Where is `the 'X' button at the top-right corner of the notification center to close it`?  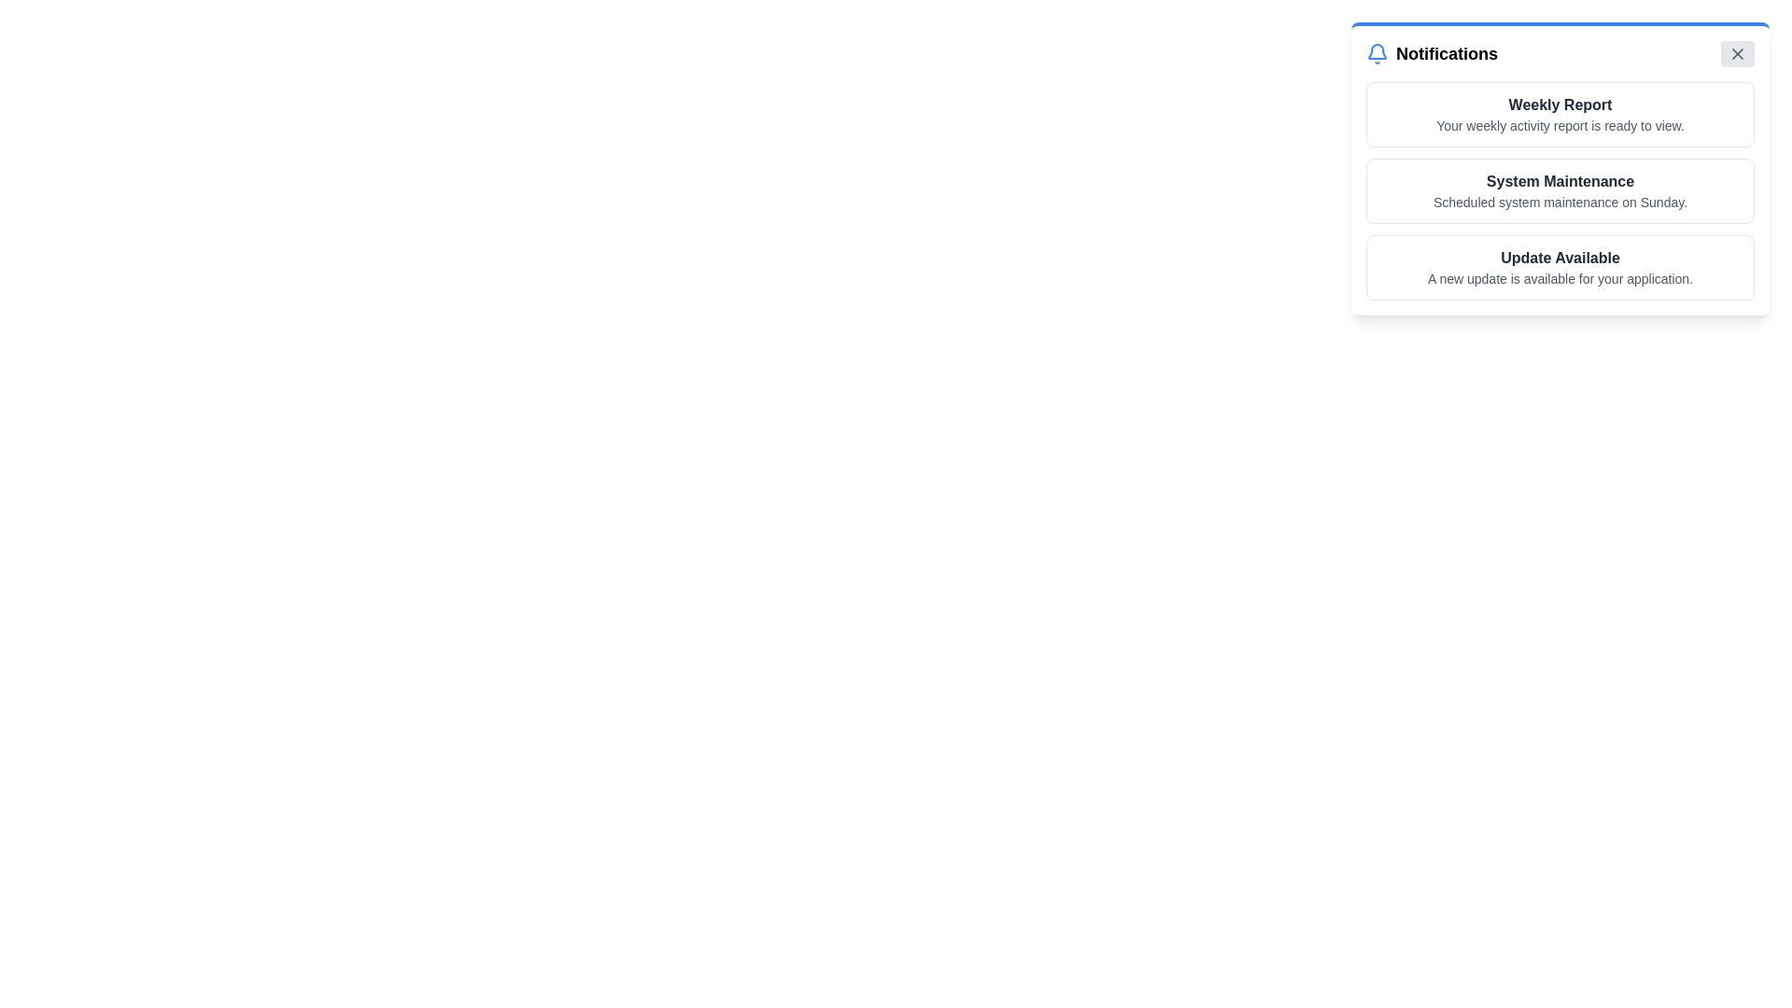
the 'X' button at the top-right corner of the notification center to close it is located at coordinates (1737, 52).